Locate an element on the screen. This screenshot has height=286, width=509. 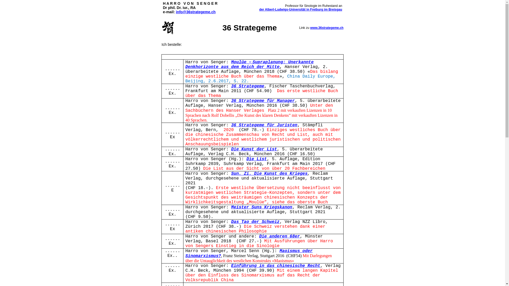
'Die Kunst der List' is located at coordinates (254, 149).